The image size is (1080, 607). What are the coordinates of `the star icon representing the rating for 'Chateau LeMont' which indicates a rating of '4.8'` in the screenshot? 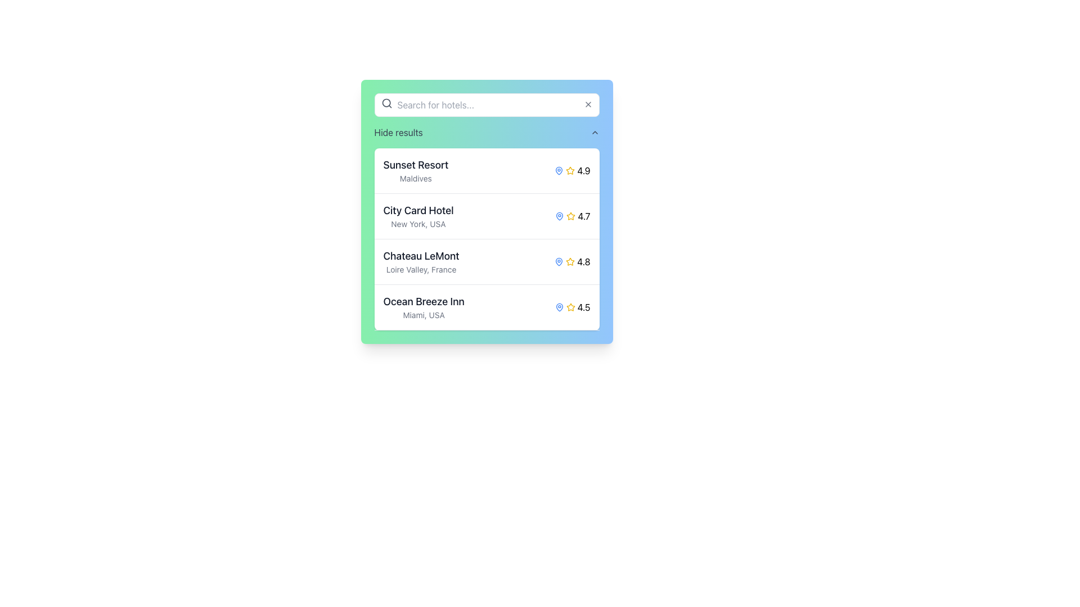 It's located at (570, 262).